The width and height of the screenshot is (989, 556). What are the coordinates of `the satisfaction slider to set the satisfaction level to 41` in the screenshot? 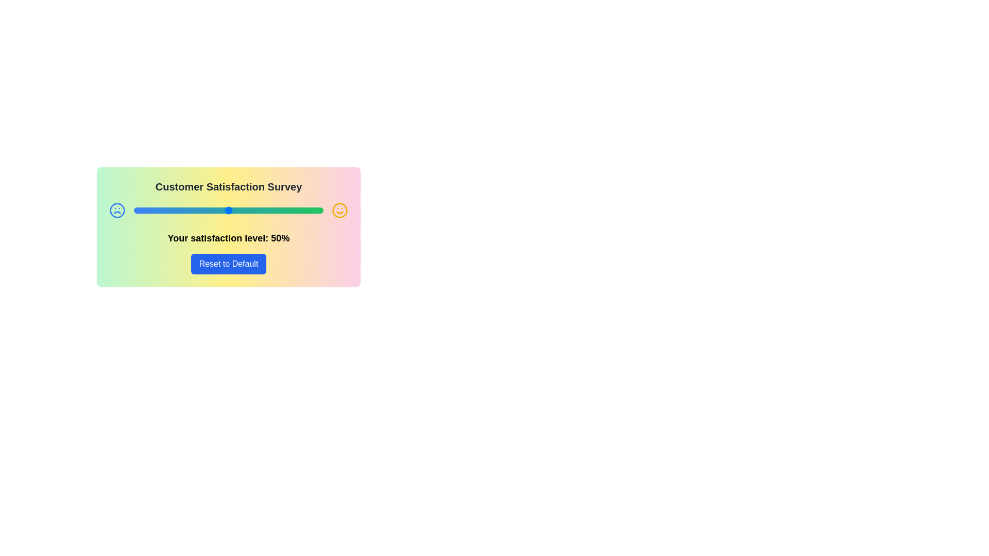 It's located at (211, 210).